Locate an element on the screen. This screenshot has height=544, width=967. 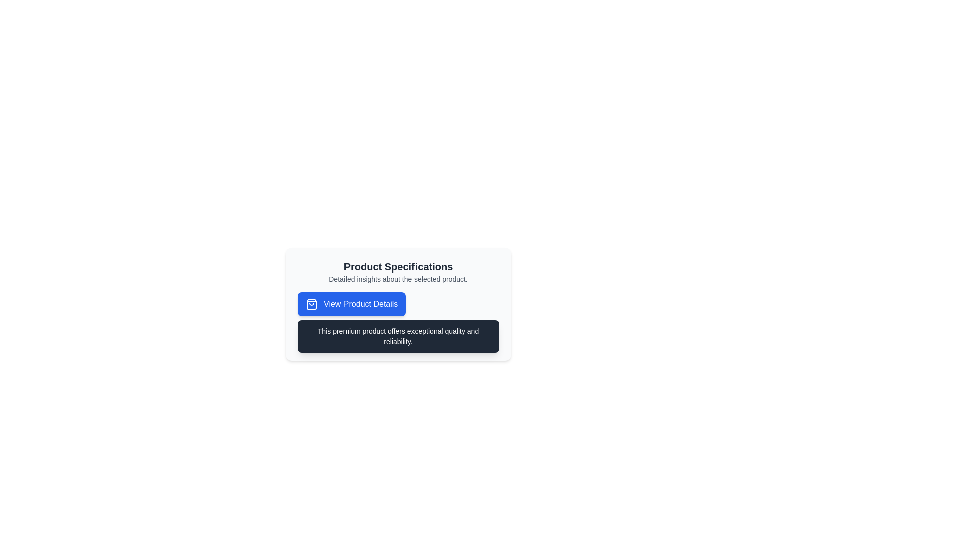
the text block containing 'Product Specifications' and 'Detailed insights about the selected product.' which is located above the 'View Product Details' button is located at coordinates (398, 272).